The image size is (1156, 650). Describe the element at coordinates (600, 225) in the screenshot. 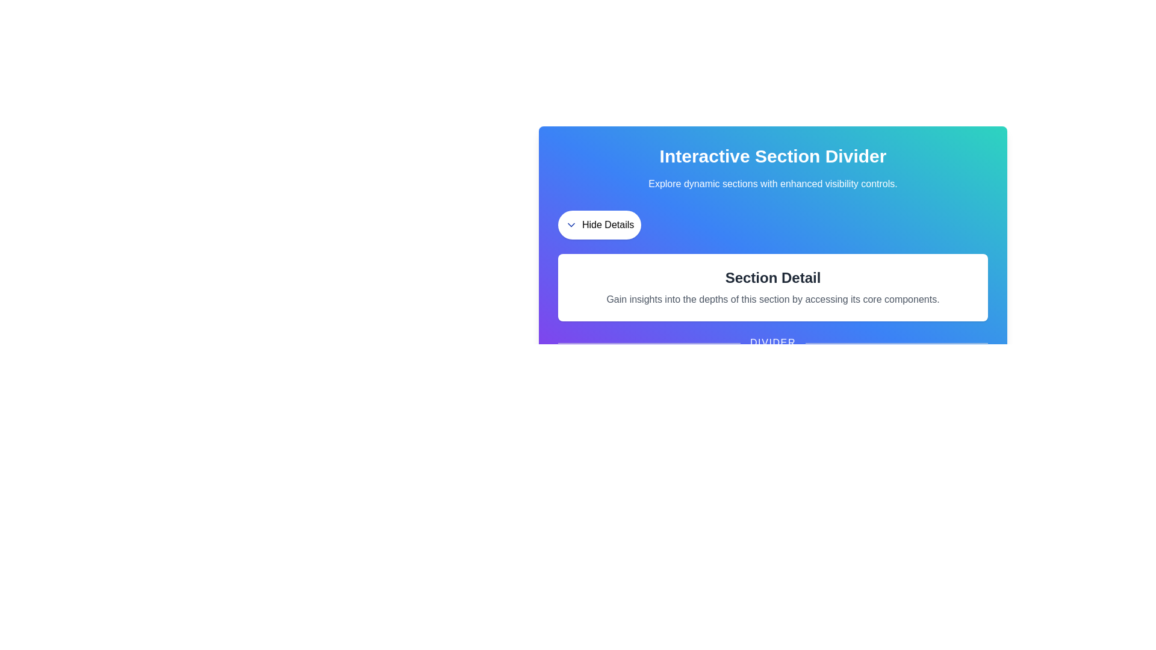

I see `the 'Hide Details' button, which has a white background, rounded edges, and features a downward-pointing blue arrow icon` at that location.